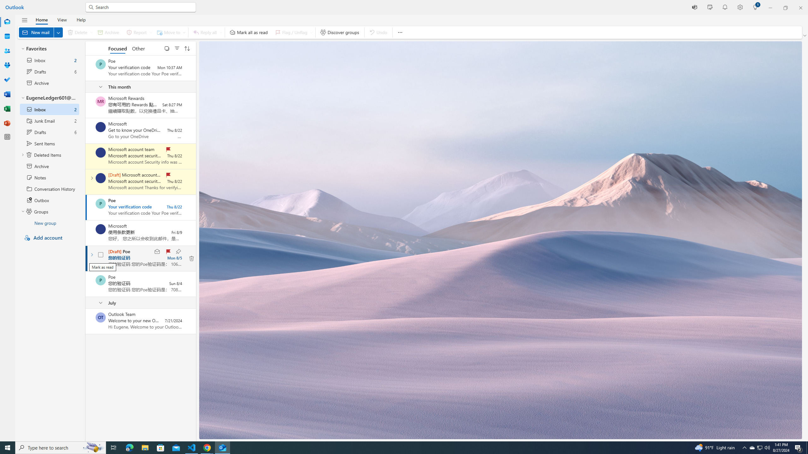 This screenshot has height=454, width=808. I want to click on 'Excel', so click(7, 108).